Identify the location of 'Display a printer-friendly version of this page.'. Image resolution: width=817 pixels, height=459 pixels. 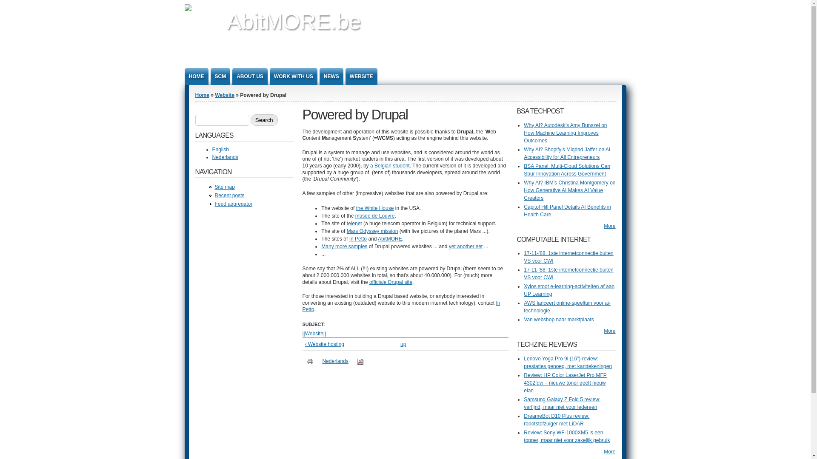
(310, 361).